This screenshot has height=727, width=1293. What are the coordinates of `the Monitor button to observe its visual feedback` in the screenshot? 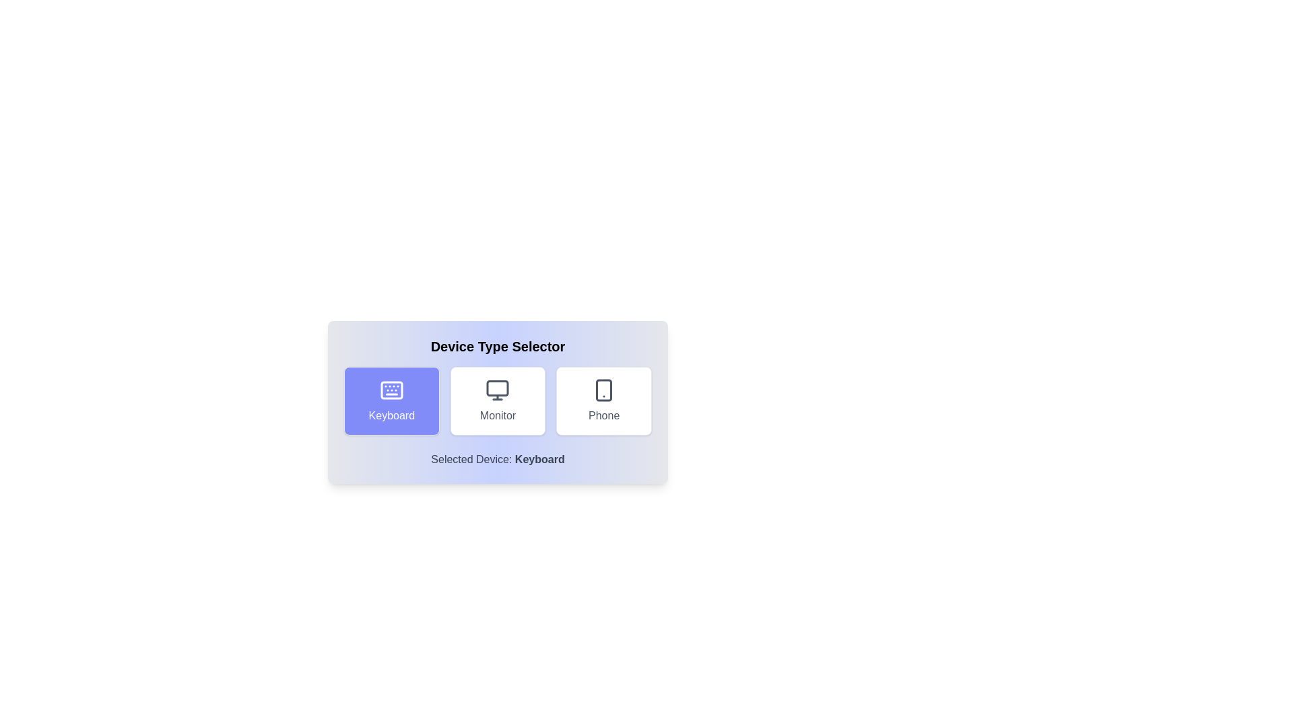 It's located at (497, 401).